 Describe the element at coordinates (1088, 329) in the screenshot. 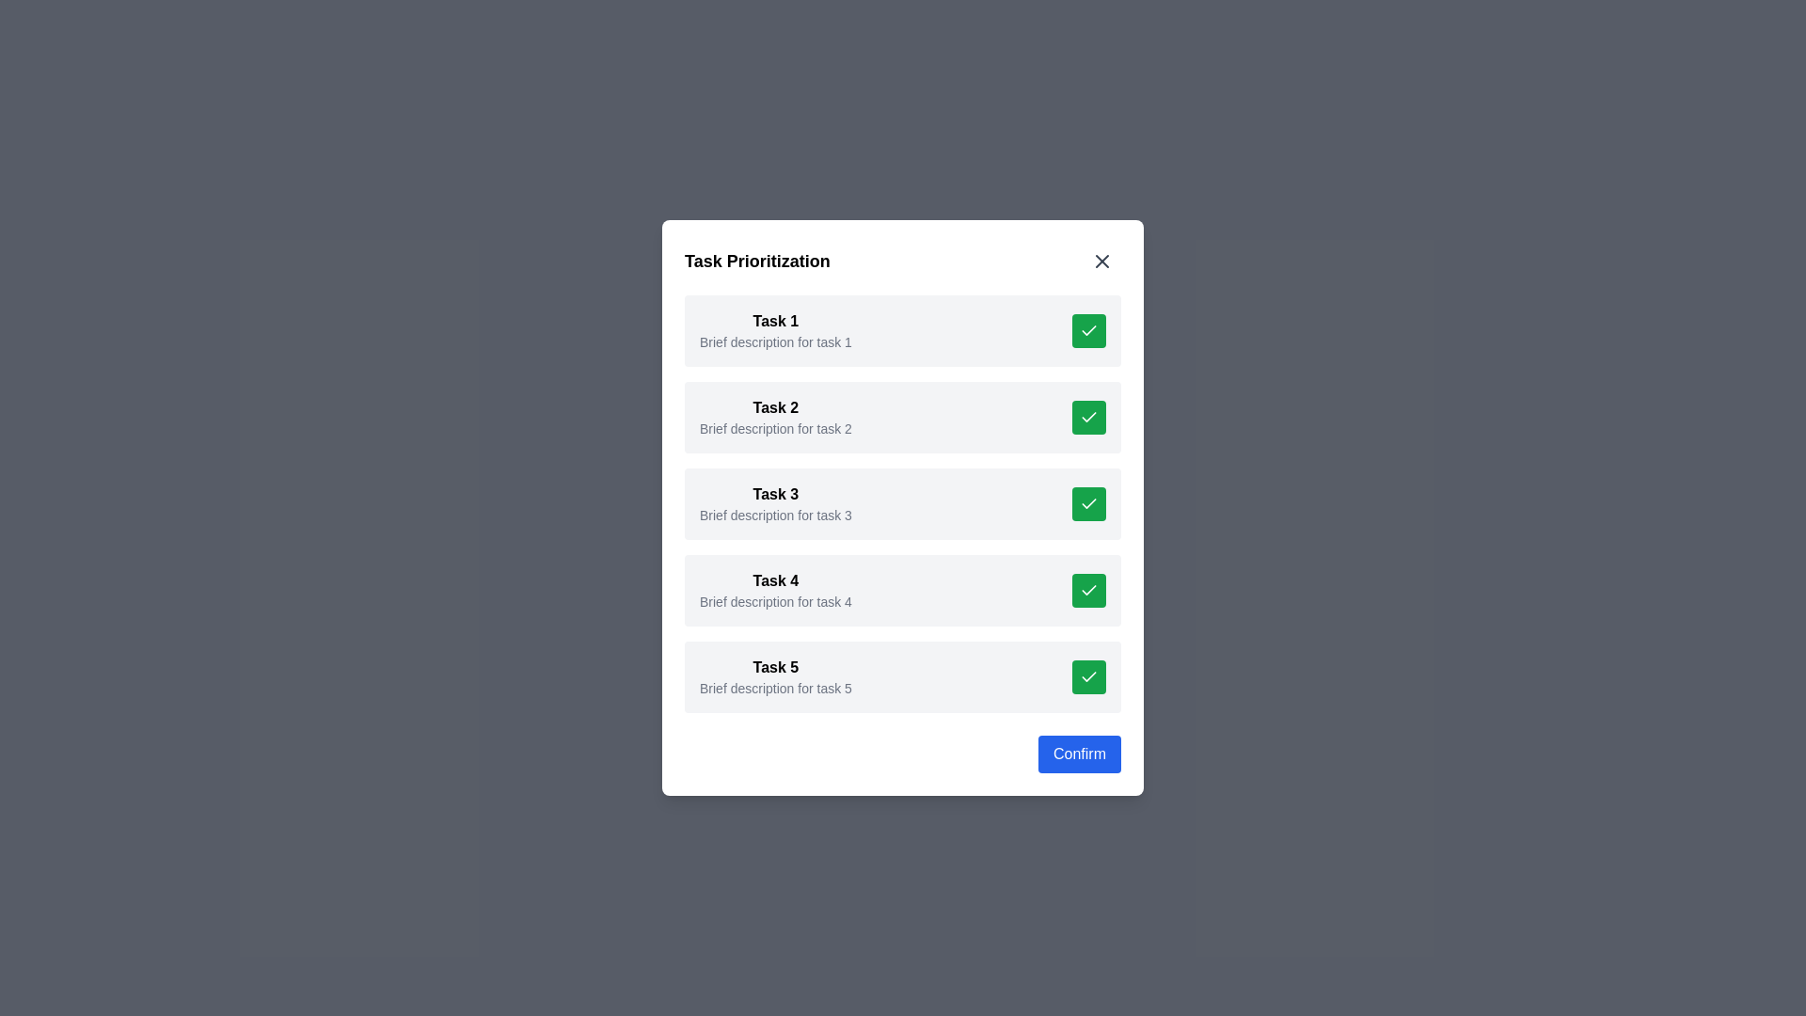

I see `white checkmark icon located inside the green square button, which is positioned to the far right of the row labeled 'Task 1' in the task list interface` at that location.